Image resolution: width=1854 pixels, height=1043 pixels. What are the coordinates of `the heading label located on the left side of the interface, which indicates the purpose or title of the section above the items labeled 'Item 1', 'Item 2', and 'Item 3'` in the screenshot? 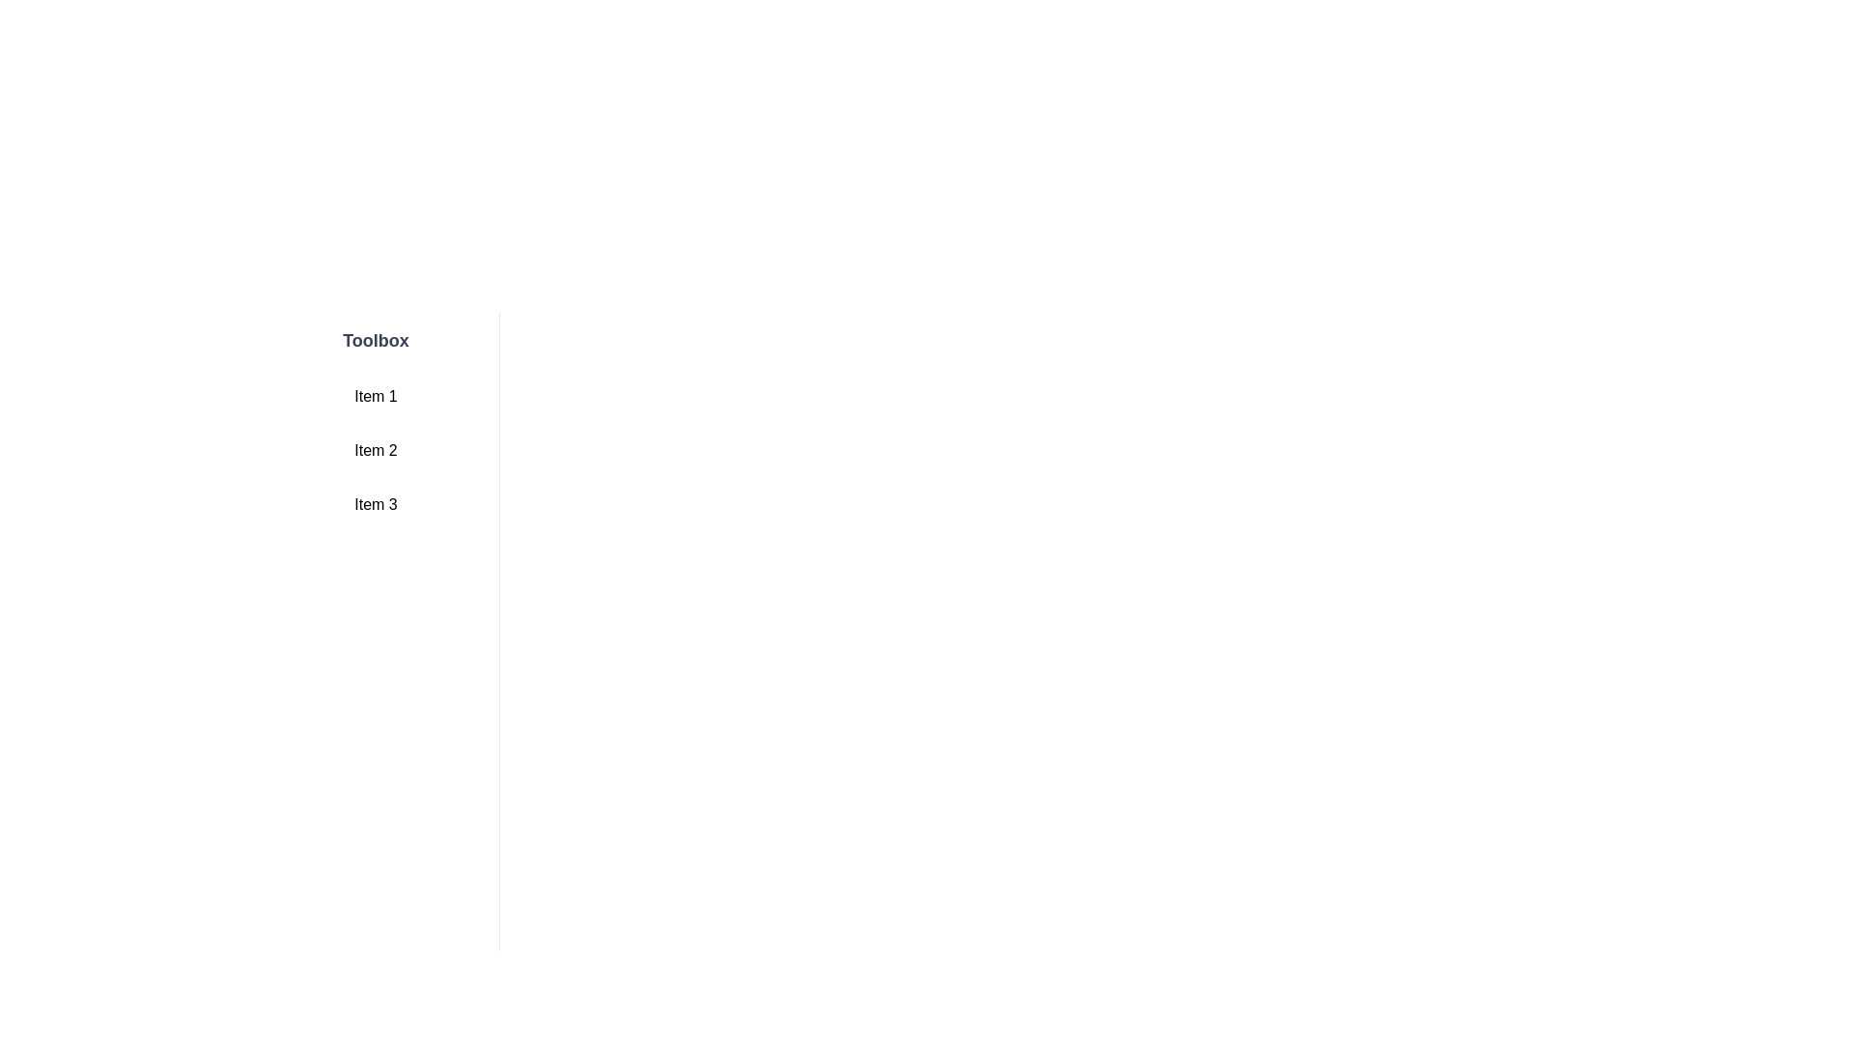 It's located at (376, 340).